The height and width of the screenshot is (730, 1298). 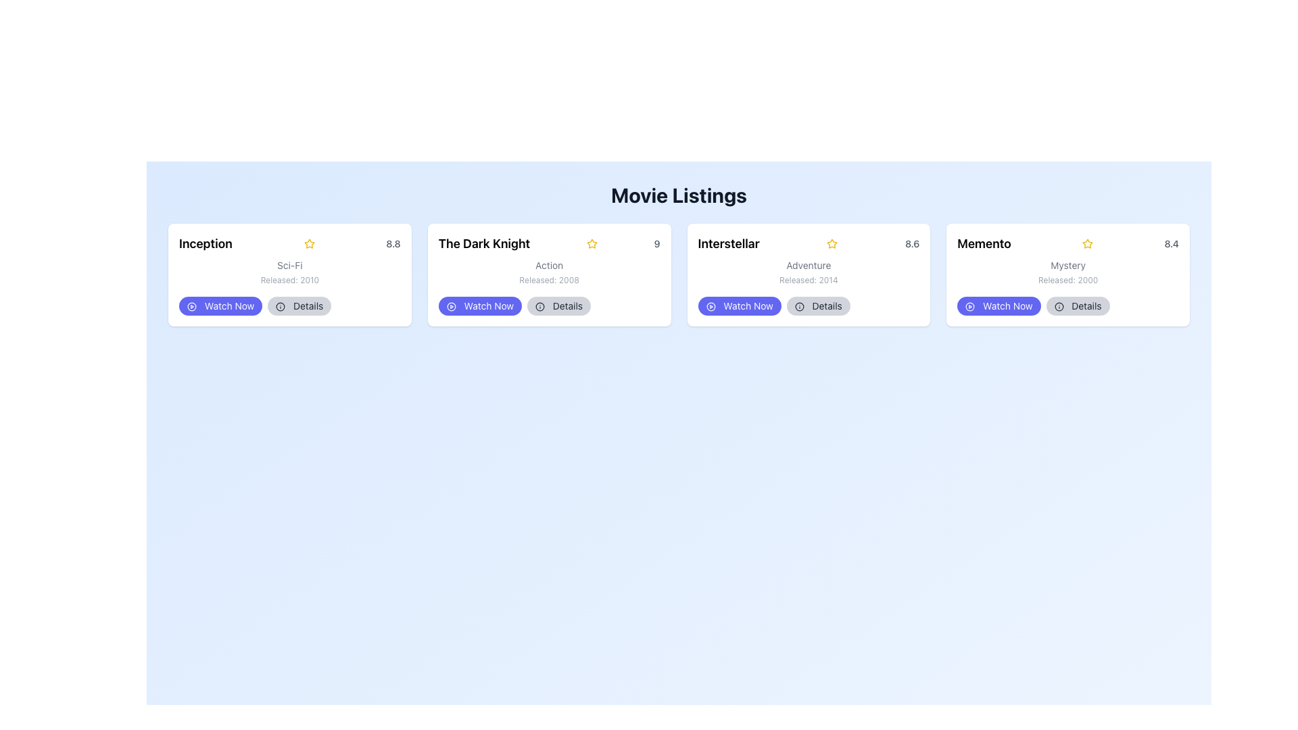 I want to click on the decorative icon representing the rating status for the movie 'Memento', located in the top-right section of the listing card, aligned with the numeric rating '8.4', so click(x=1088, y=243).